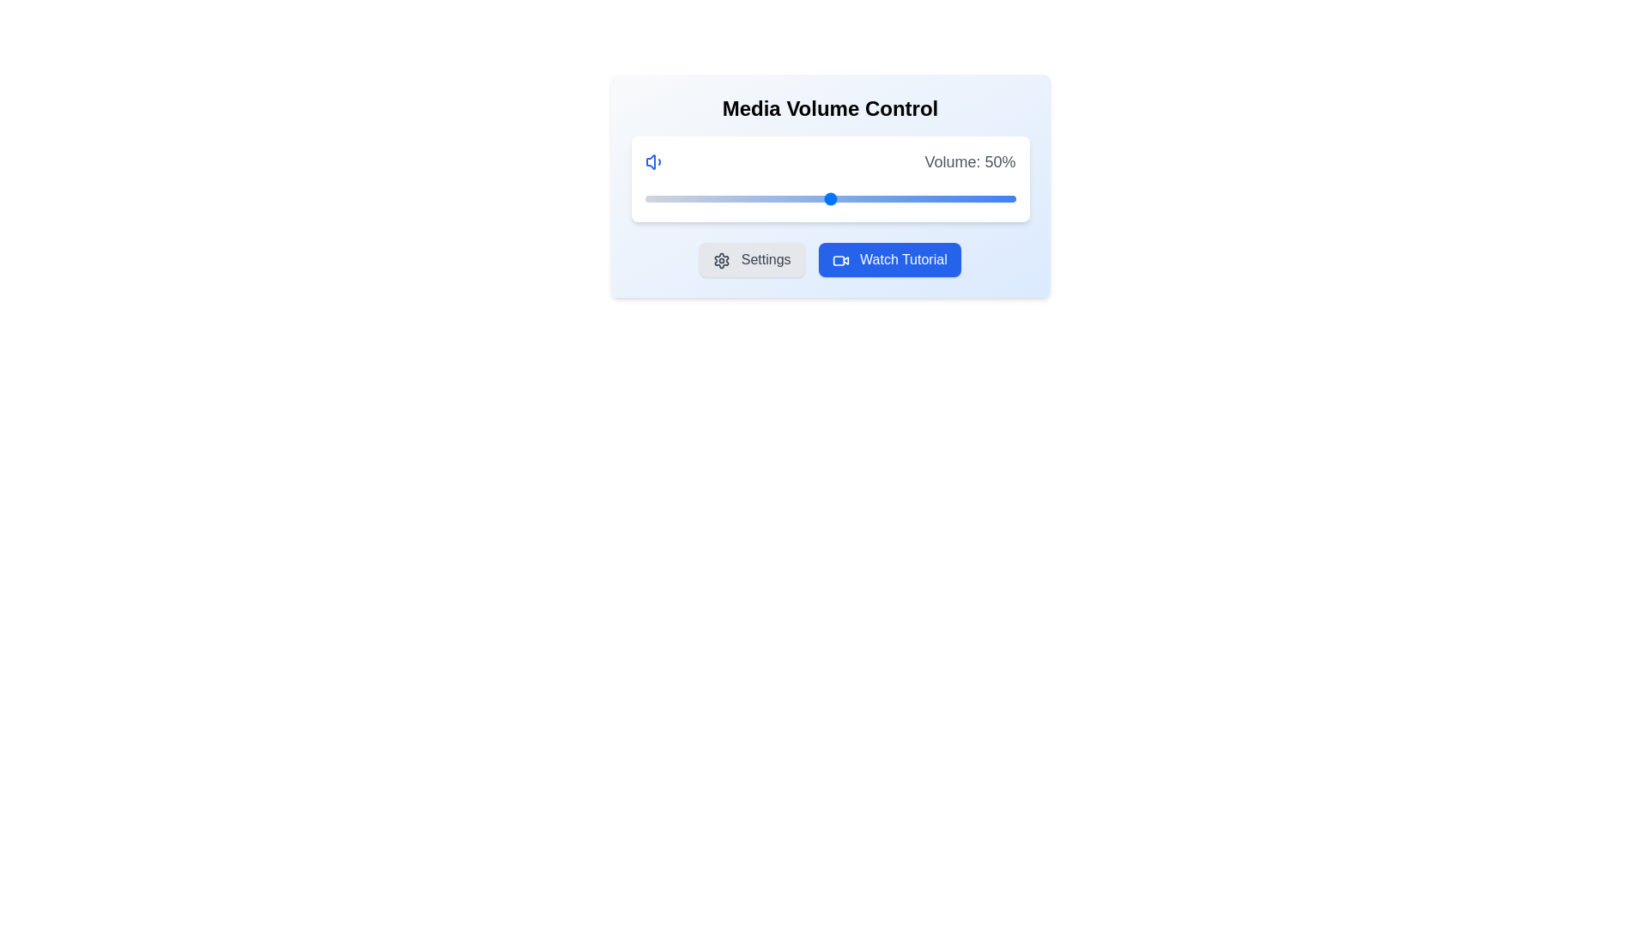  What do you see at coordinates (889, 260) in the screenshot?
I see `the 'Watch Tutorial' button` at bounding box center [889, 260].